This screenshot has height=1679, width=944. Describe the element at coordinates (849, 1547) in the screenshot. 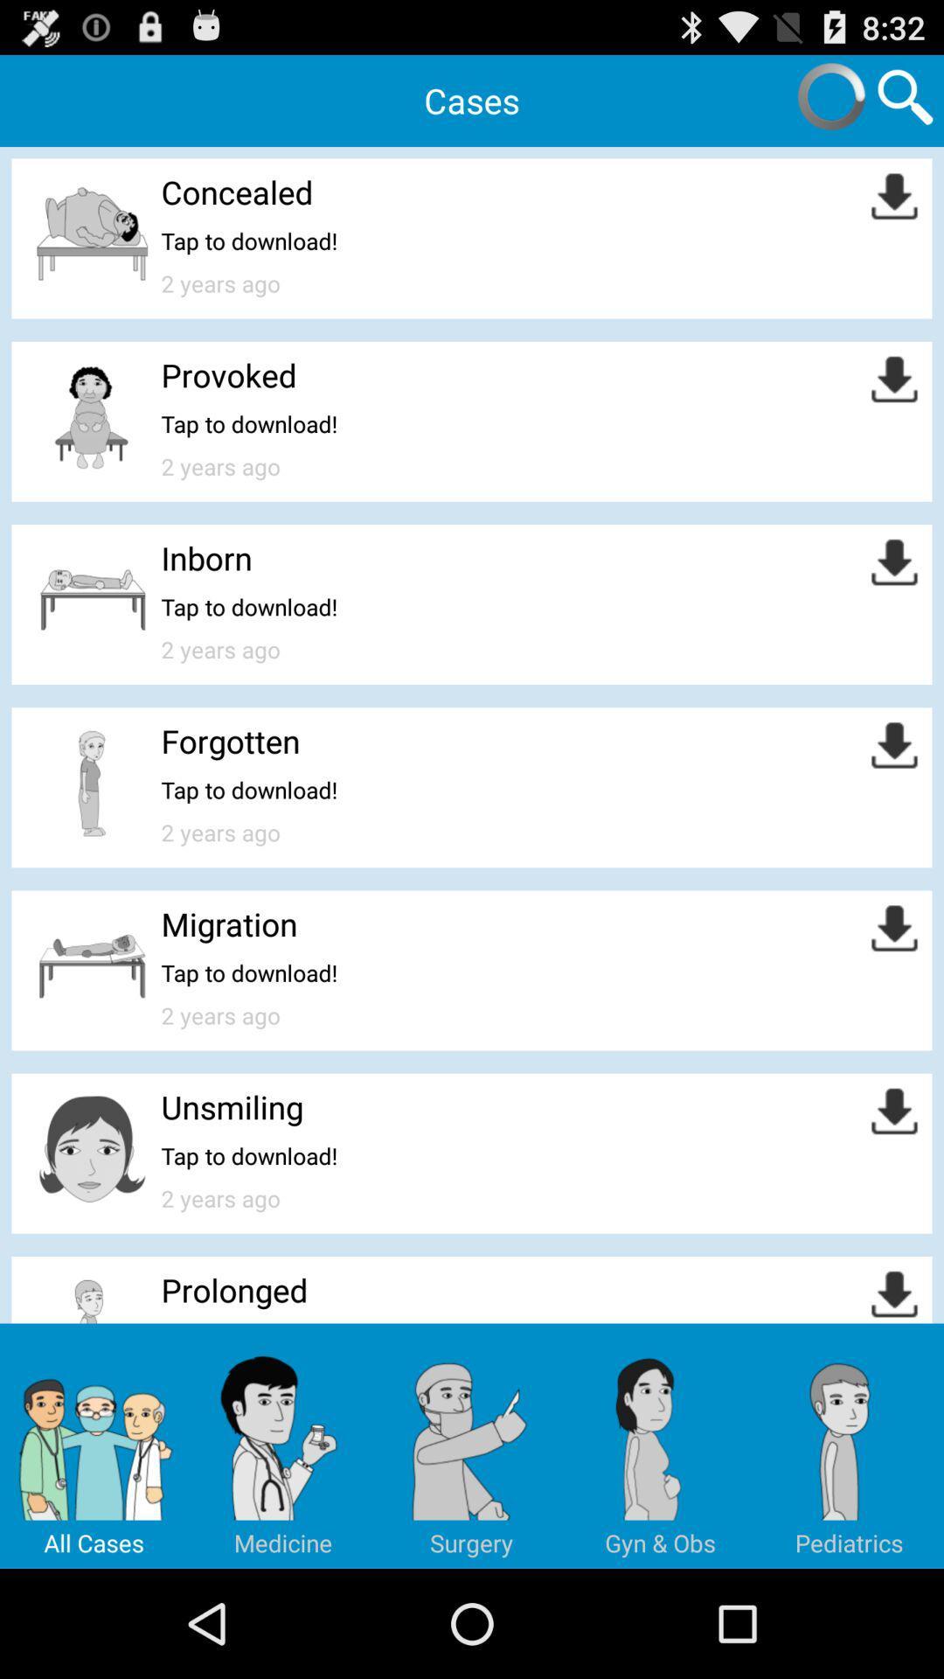

I see `the gift icon` at that location.